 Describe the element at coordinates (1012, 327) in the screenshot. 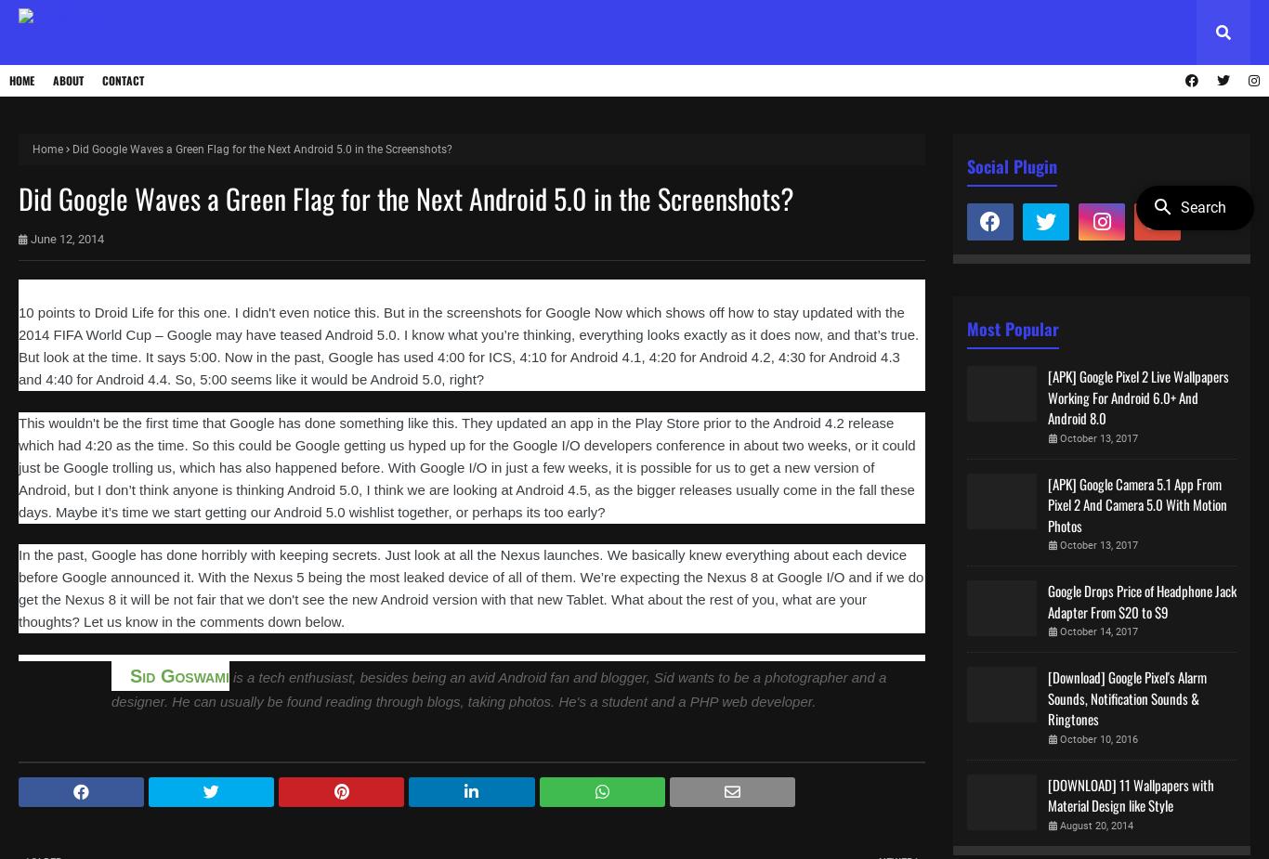

I see `'Most Popular'` at that location.